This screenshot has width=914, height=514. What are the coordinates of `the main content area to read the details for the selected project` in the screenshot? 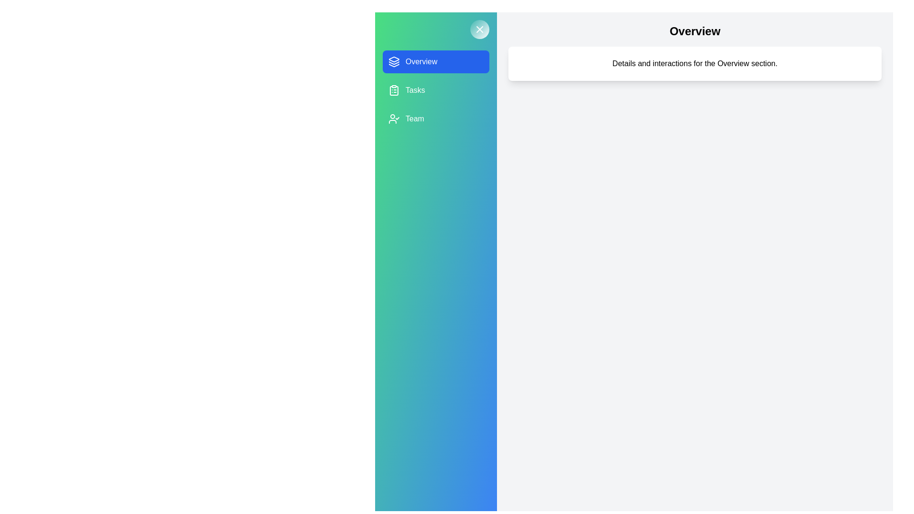 It's located at (695, 64).